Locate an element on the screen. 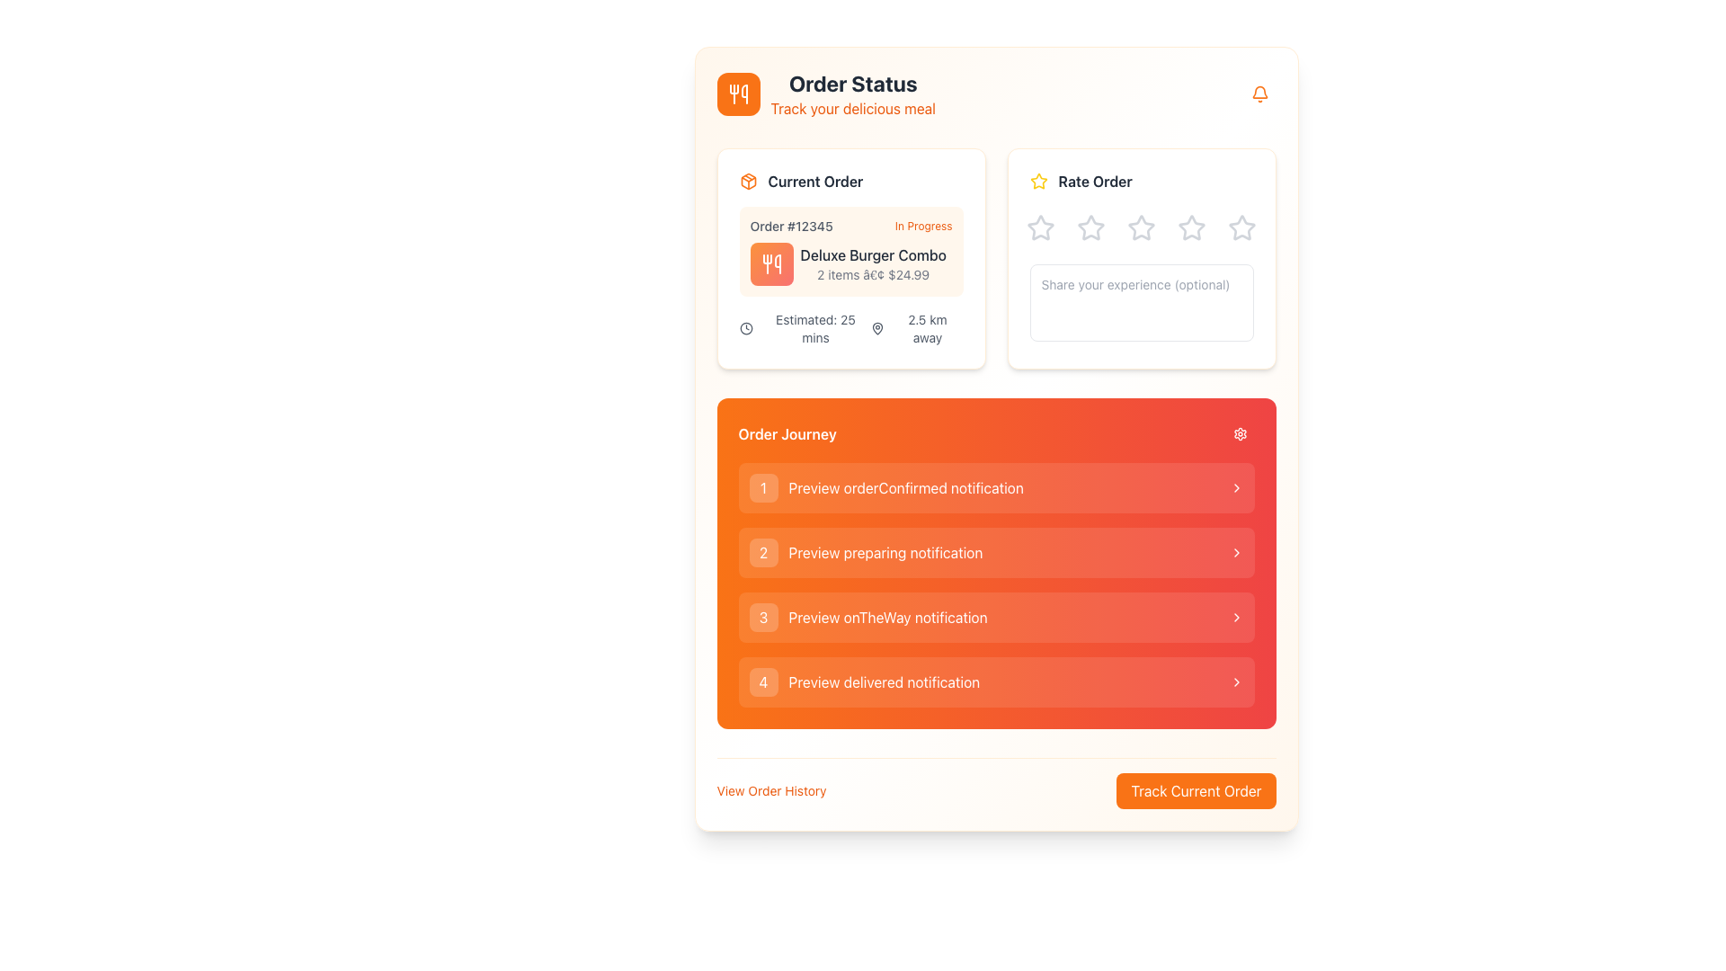 This screenshot has width=1726, height=971. the chevron icon located at the far right end of the second item in the 'Order Journey' section, adjacent to the 'Preview preparing notification' label is located at coordinates (1235, 551).